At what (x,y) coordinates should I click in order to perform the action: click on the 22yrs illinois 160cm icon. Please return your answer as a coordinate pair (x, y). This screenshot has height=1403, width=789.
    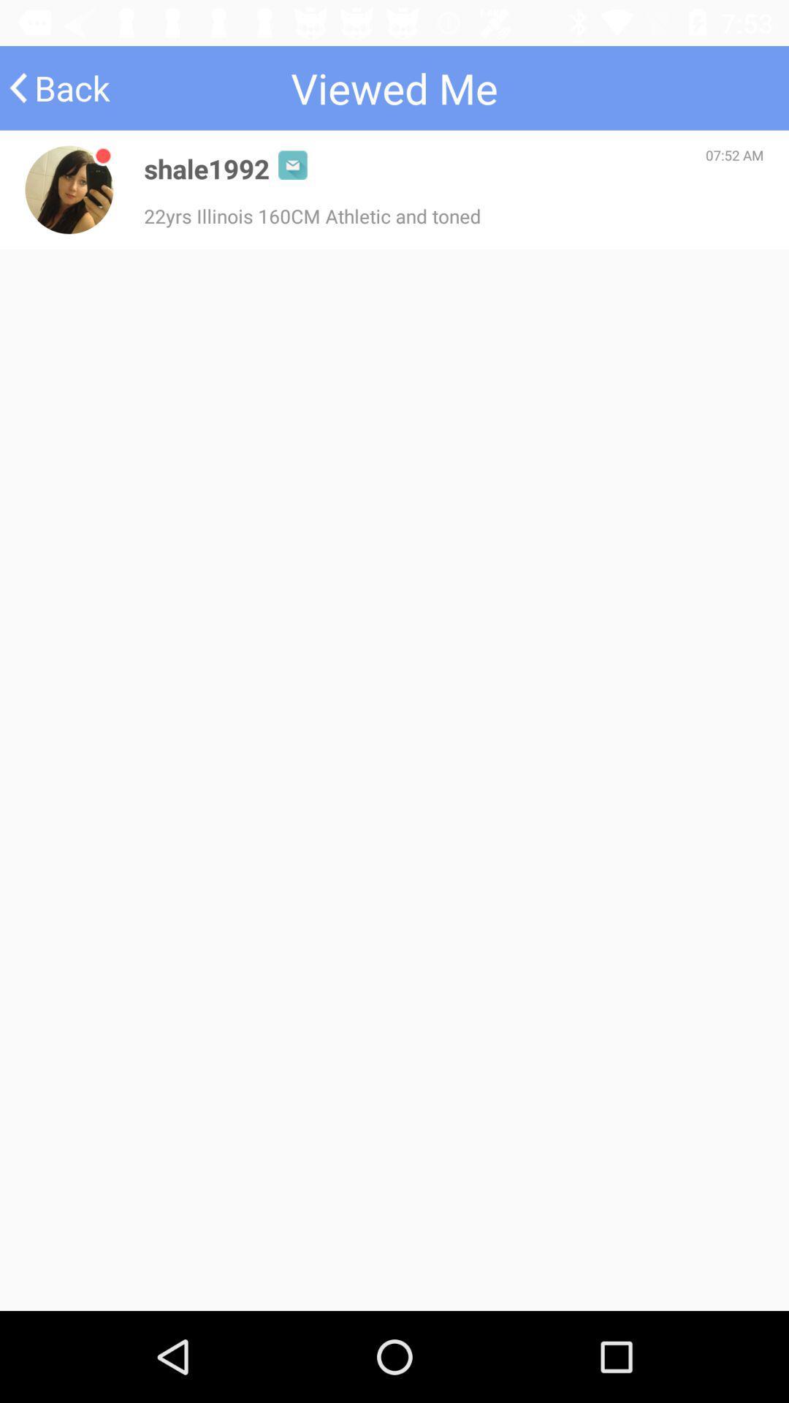
    Looking at the image, I should click on (311, 215).